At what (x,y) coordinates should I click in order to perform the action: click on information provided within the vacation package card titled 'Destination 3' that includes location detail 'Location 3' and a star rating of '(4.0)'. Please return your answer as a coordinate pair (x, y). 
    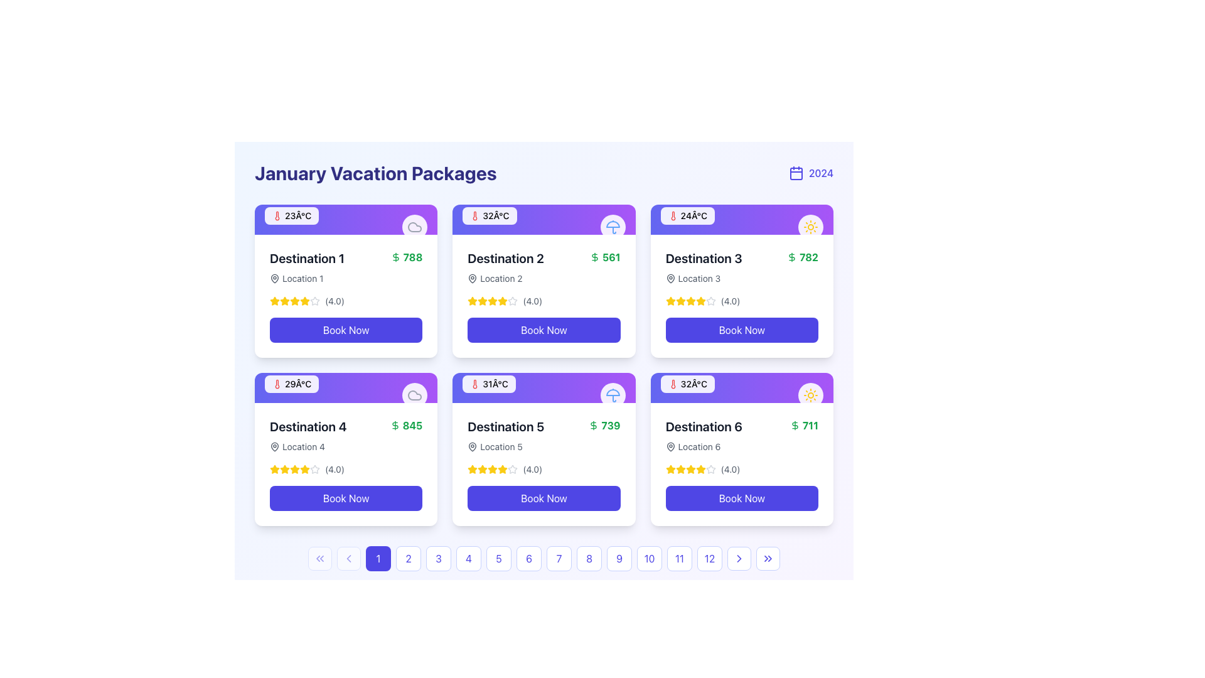
    Looking at the image, I should click on (742, 296).